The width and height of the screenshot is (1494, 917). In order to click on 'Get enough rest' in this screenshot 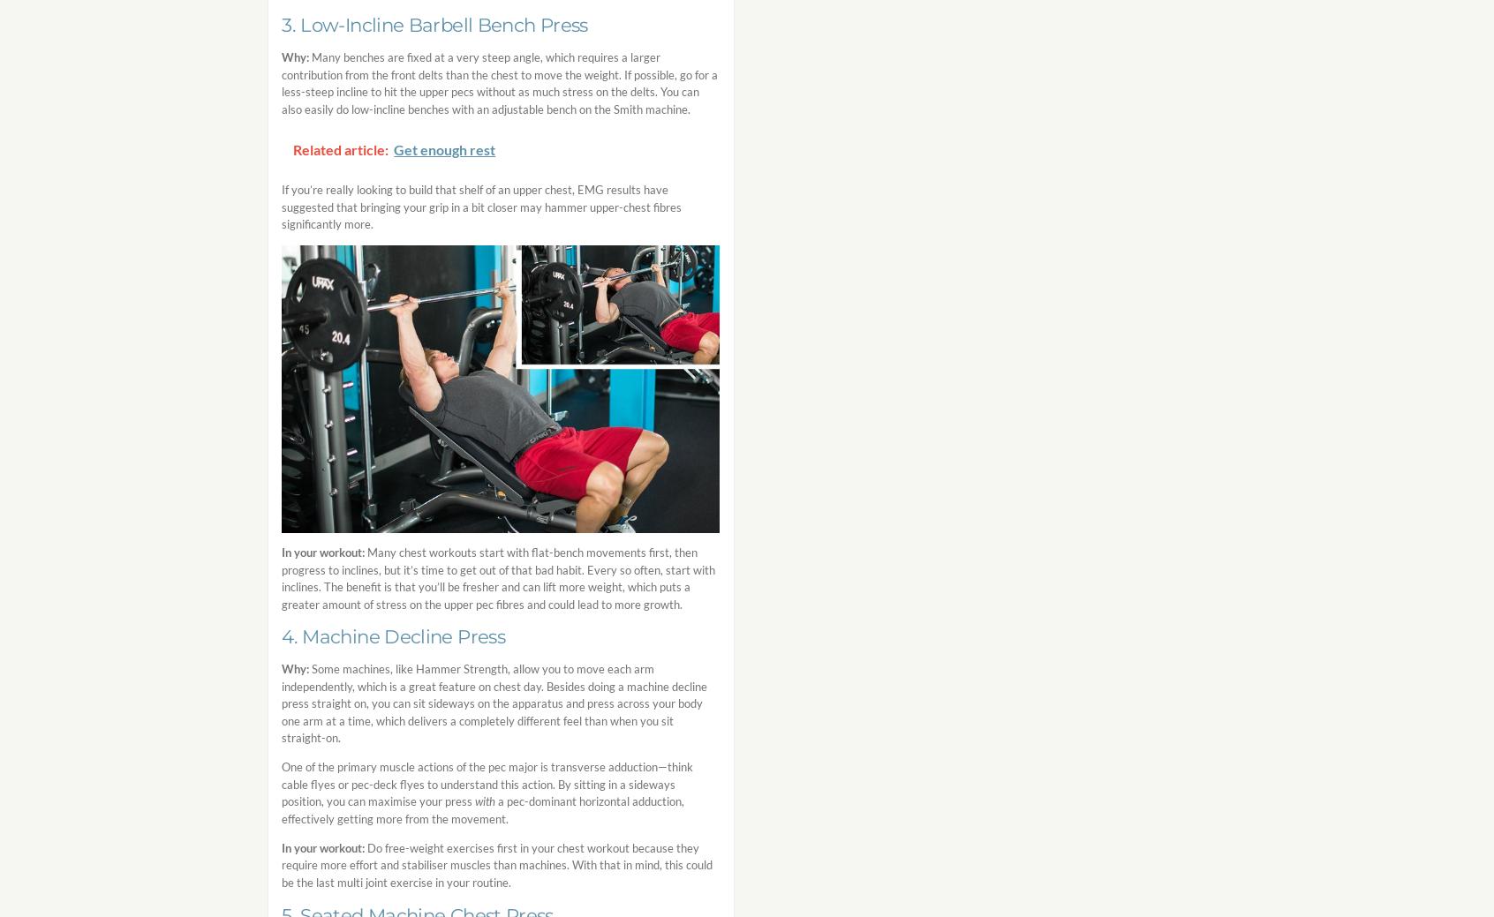, I will do `click(444, 148)`.